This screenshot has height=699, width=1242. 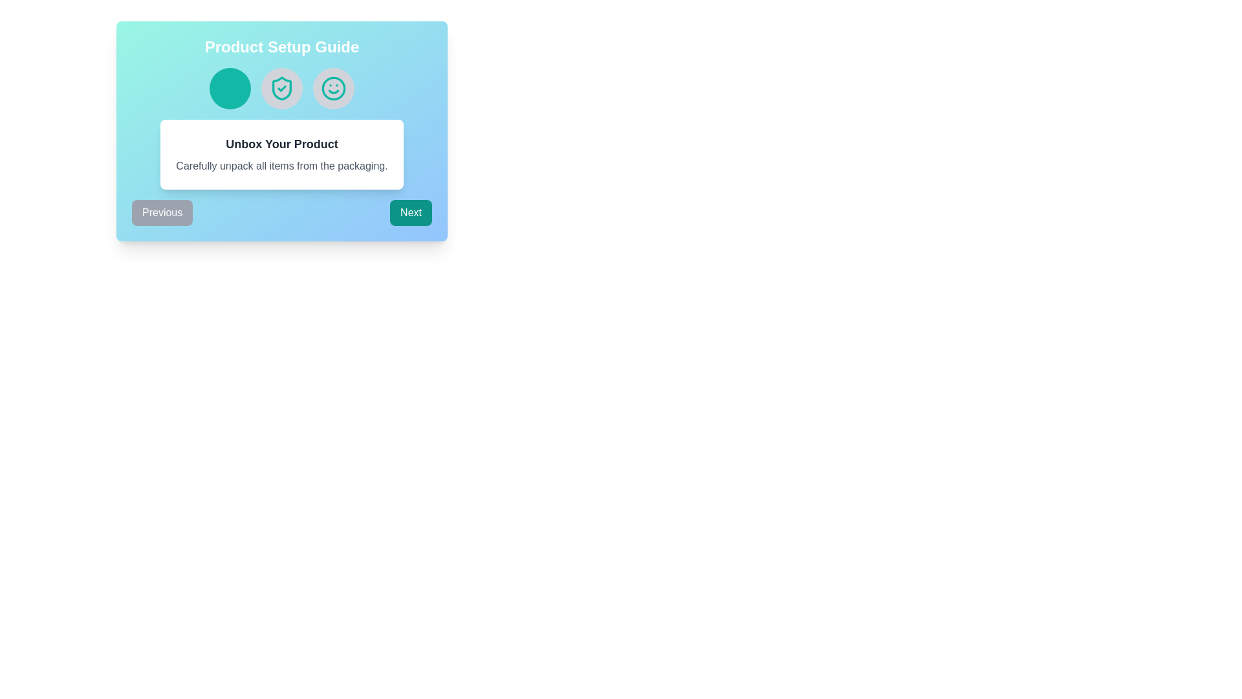 What do you see at coordinates (281, 47) in the screenshot?
I see `the static text label that serves as a header, located at the top-center of a rectangular card with rounded corners and a gradient background` at bounding box center [281, 47].